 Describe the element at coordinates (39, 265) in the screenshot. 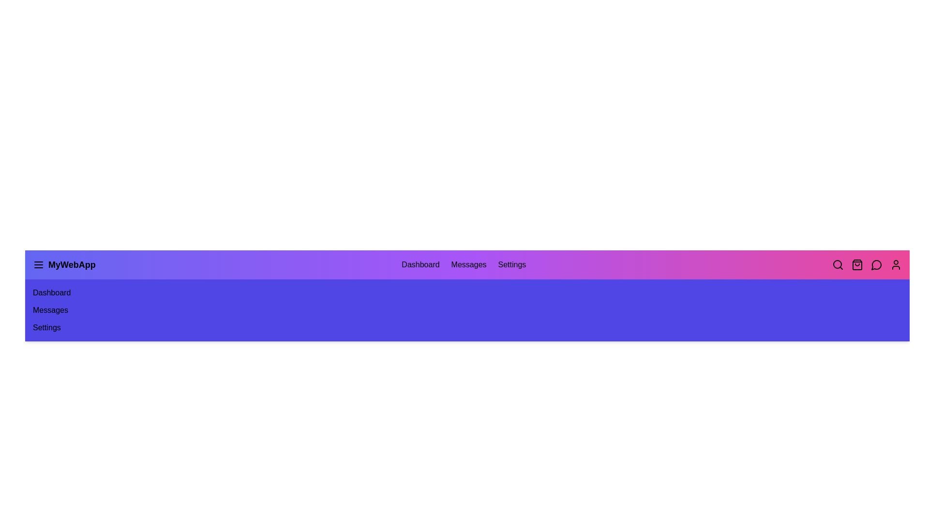

I see `the menu toggle button to toggle the menu visibility` at that location.